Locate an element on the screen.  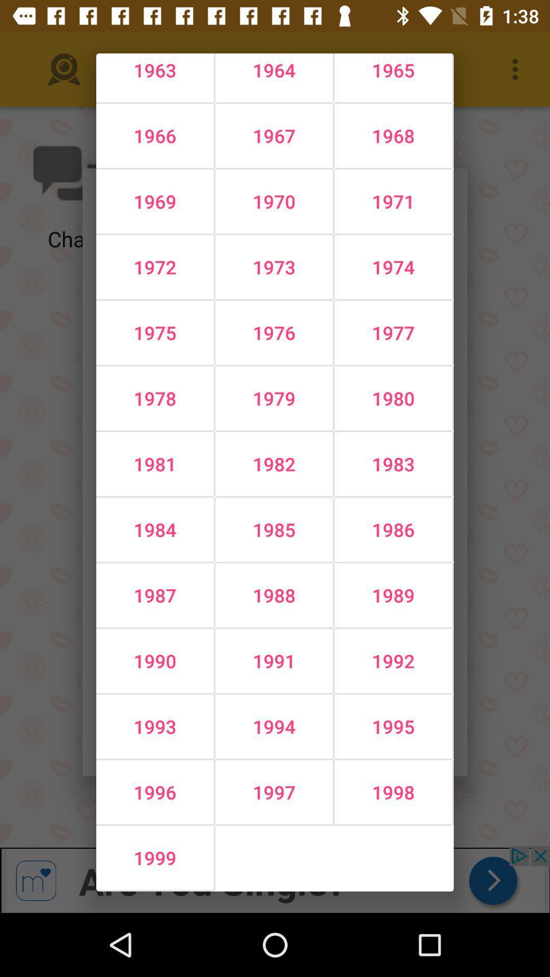
the 1994 is located at coordinates (273, 726).